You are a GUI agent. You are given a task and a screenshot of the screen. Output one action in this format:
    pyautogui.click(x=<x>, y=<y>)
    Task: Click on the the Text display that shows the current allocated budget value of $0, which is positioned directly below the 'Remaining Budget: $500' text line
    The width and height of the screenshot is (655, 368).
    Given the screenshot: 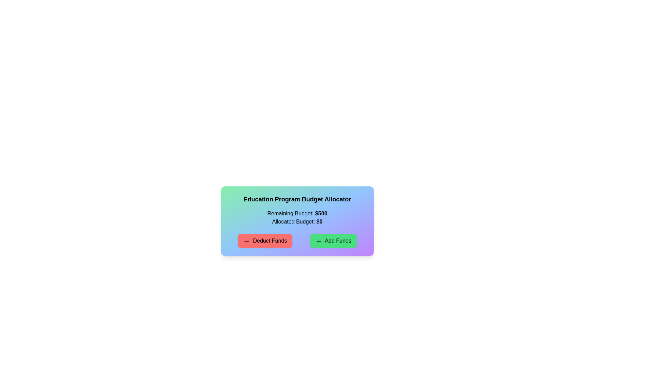 What is the action you would take?
    pyautogui.click(x=297, y=222)
    